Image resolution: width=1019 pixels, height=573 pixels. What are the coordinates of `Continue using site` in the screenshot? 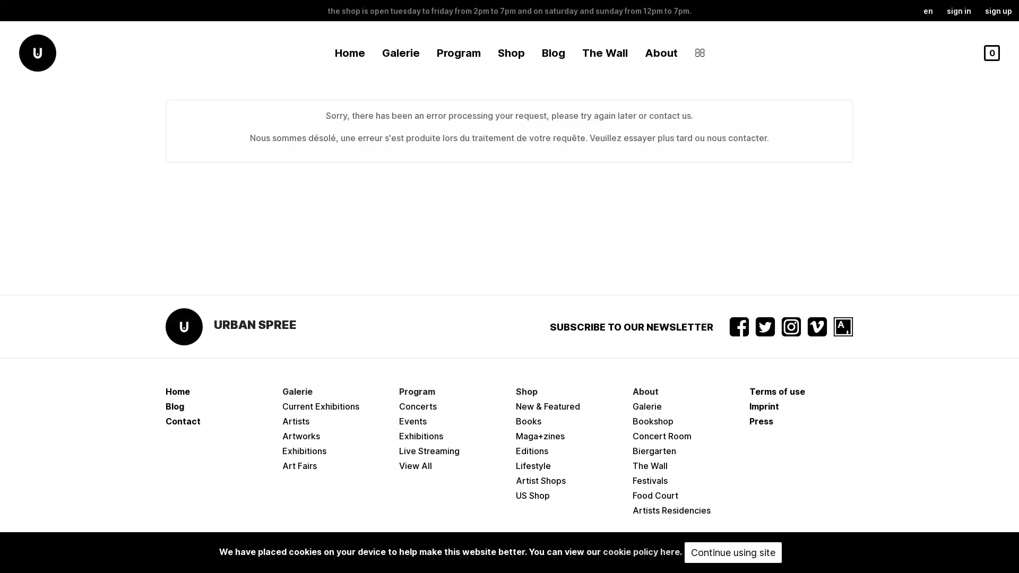 It's located at (732, 552).